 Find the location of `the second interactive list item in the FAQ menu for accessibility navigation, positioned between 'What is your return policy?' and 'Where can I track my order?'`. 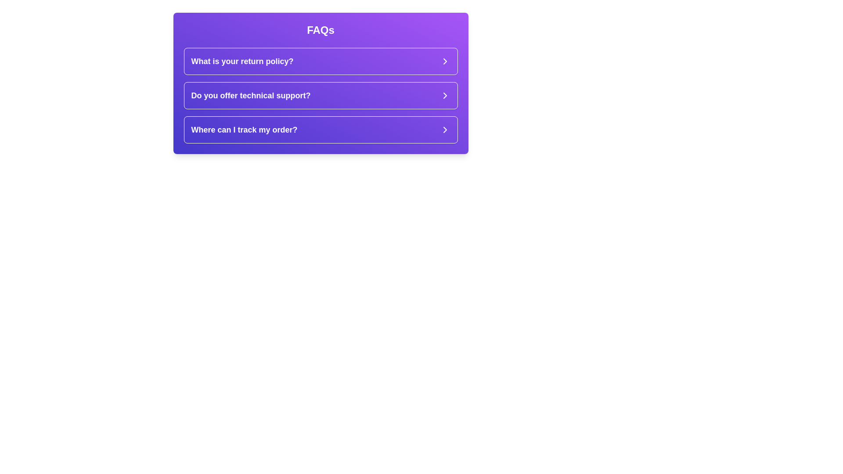

the second interactive list item in the FAQ menu for accessibility navigation, positioned between 'What is your return policy?' and 'Where can I track my order?' is located at coordinates (320, 96).